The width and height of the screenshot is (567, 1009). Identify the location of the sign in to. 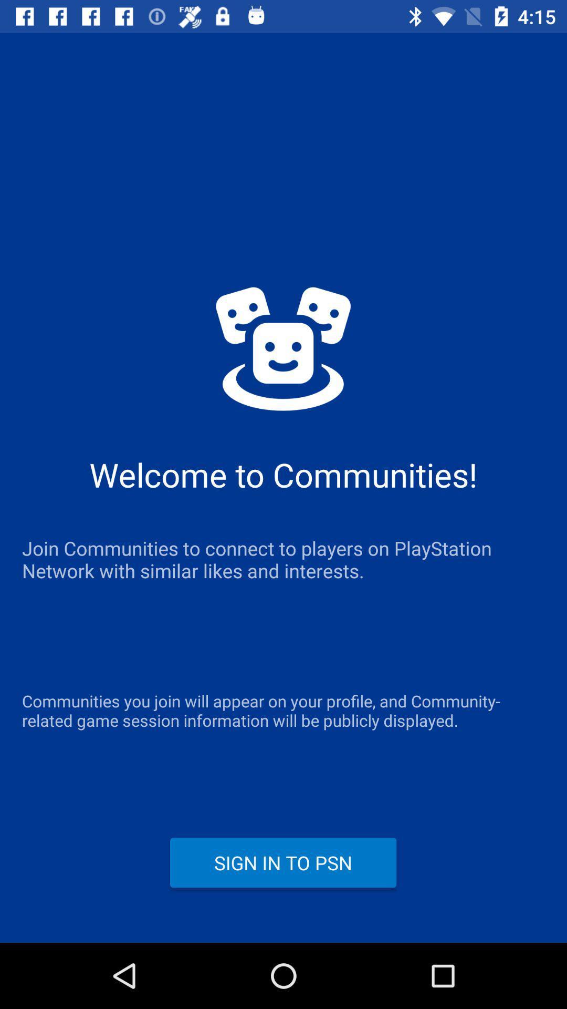
(282, 862).